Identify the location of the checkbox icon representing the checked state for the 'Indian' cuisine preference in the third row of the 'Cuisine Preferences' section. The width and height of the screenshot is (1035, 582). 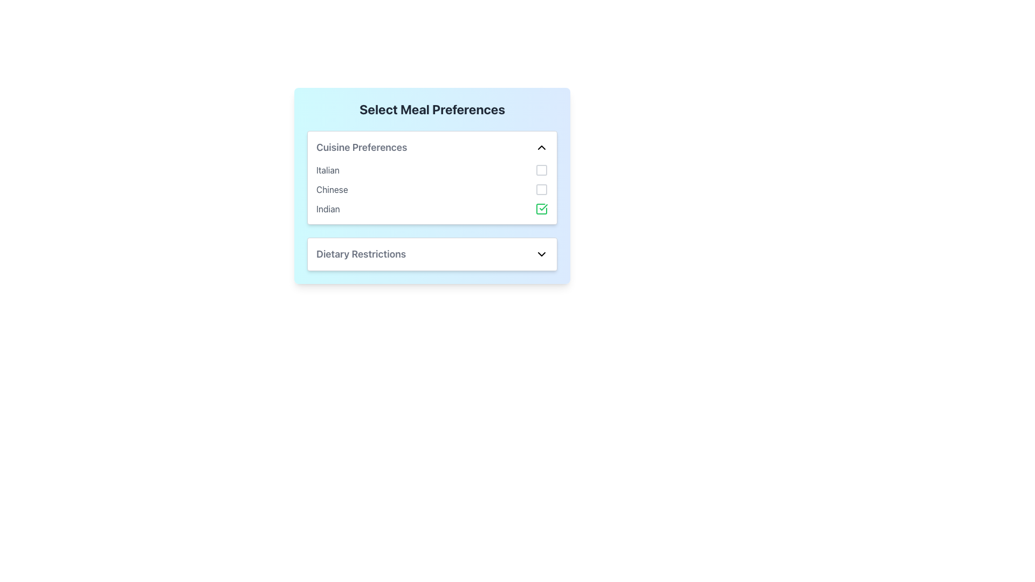
(541, 209).